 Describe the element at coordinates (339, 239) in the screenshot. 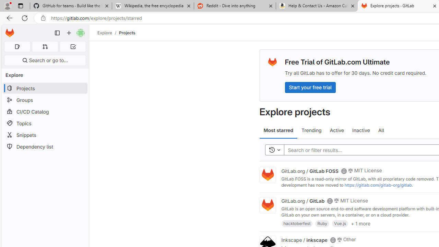

I see `'Class: s14 gl-mr-2'` at that location.